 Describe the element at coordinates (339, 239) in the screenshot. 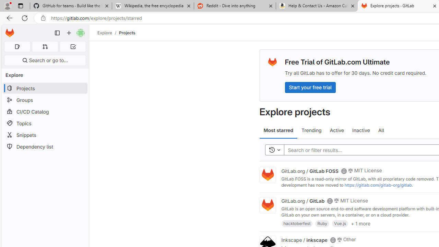

I see `'Class: s14 gl-mr-2'` at that location.